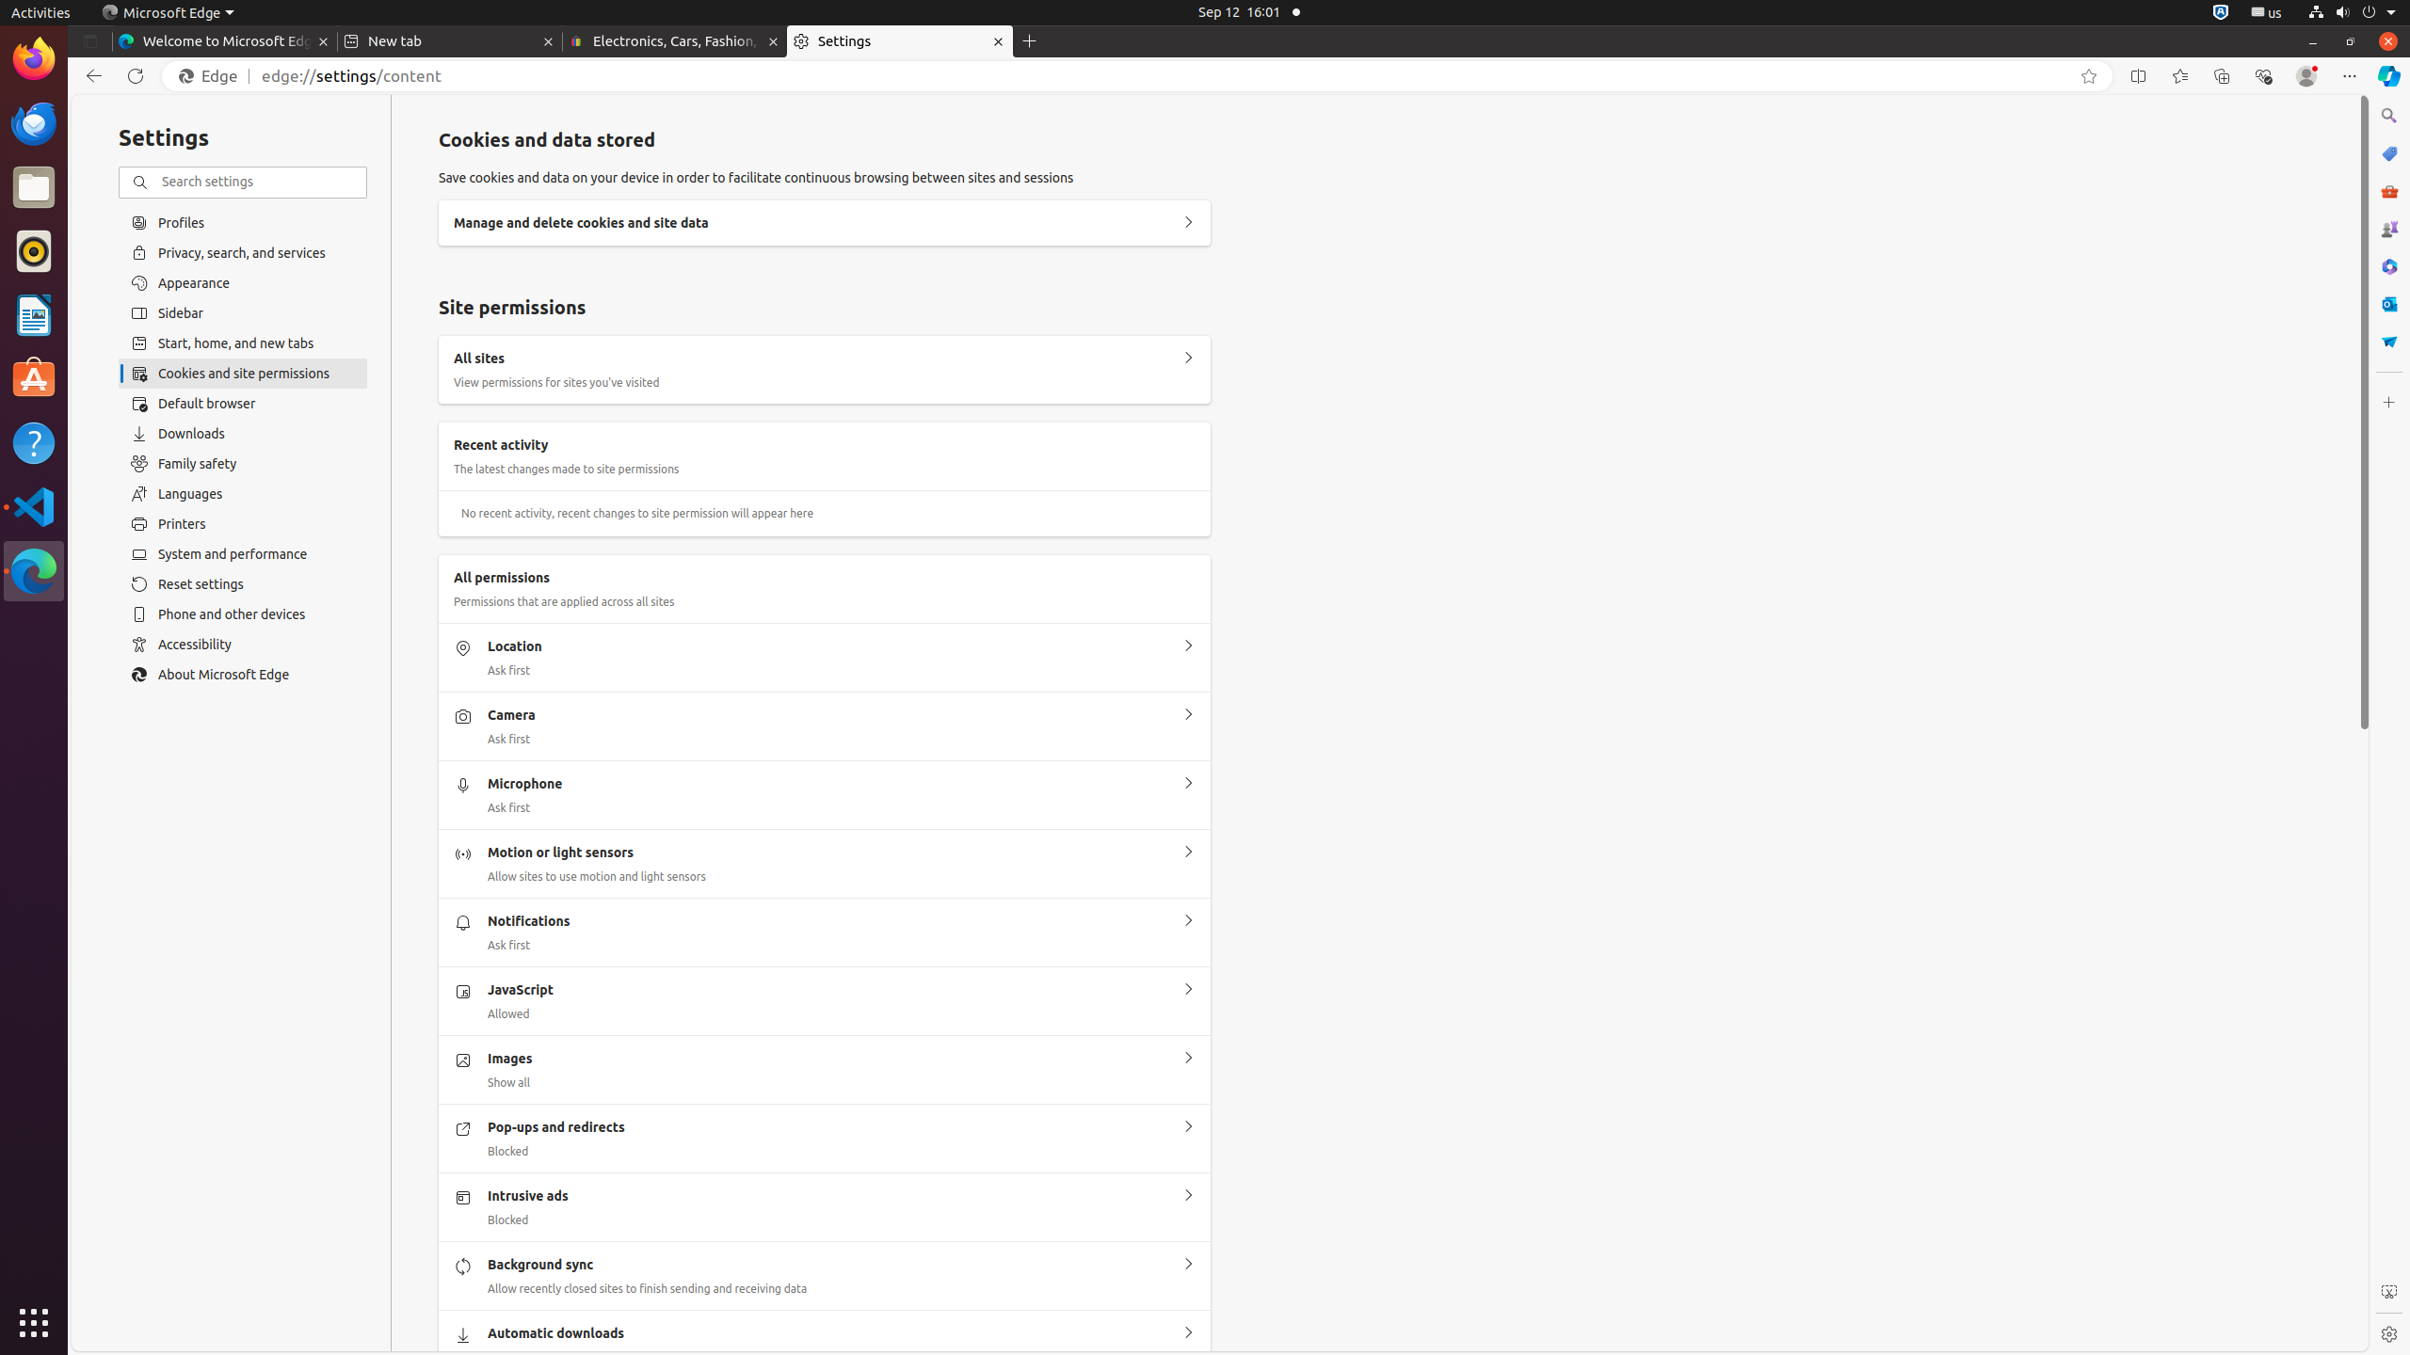  What do you see at coordinates (2265, 11) in the screenshot?
I see `':1.21/StatusNotifierItem'` at bounding box center [2265, 11].